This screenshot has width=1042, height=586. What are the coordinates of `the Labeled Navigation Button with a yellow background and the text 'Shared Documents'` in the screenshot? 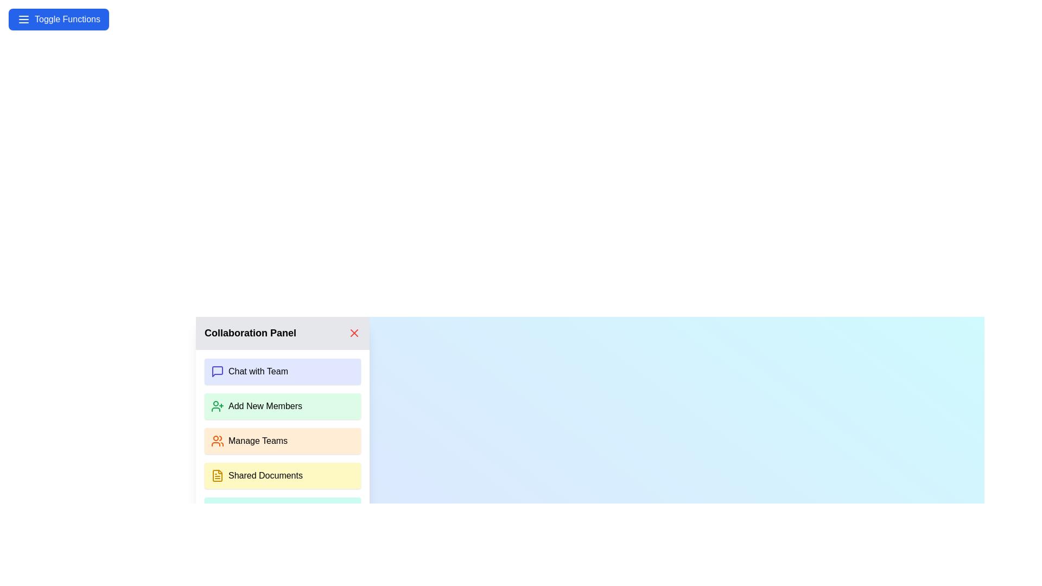 It's located at (283, 475).